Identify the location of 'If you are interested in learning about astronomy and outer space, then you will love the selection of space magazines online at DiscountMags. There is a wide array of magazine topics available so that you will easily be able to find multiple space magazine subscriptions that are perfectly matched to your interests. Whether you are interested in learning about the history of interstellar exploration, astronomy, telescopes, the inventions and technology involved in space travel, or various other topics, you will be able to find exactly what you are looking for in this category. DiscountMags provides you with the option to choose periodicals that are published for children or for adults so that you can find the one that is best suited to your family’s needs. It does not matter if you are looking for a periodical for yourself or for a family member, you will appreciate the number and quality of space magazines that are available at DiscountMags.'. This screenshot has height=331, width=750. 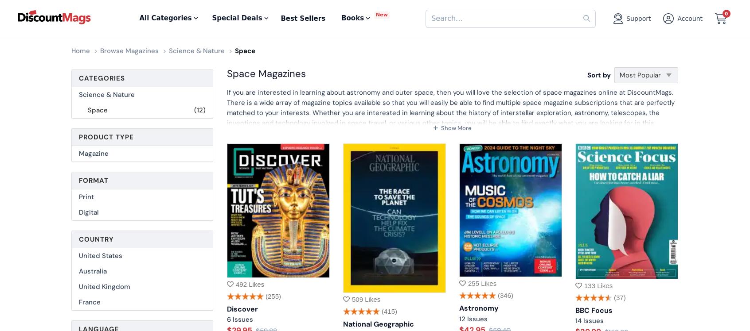
(451, 123).